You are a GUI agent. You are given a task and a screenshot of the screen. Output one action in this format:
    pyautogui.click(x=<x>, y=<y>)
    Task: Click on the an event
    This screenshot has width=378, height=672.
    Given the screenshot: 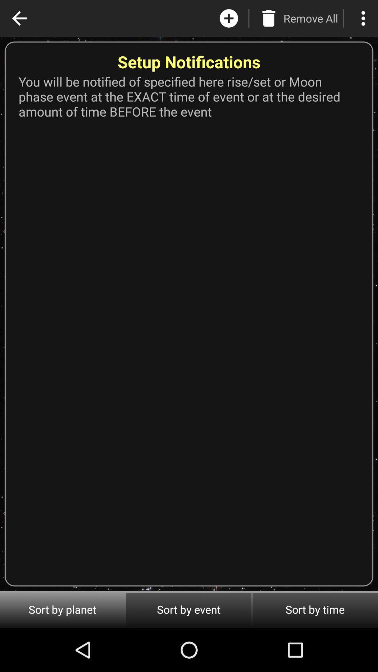 What is the action you would take?
    pyautogui.click(x=229, y=18)
    